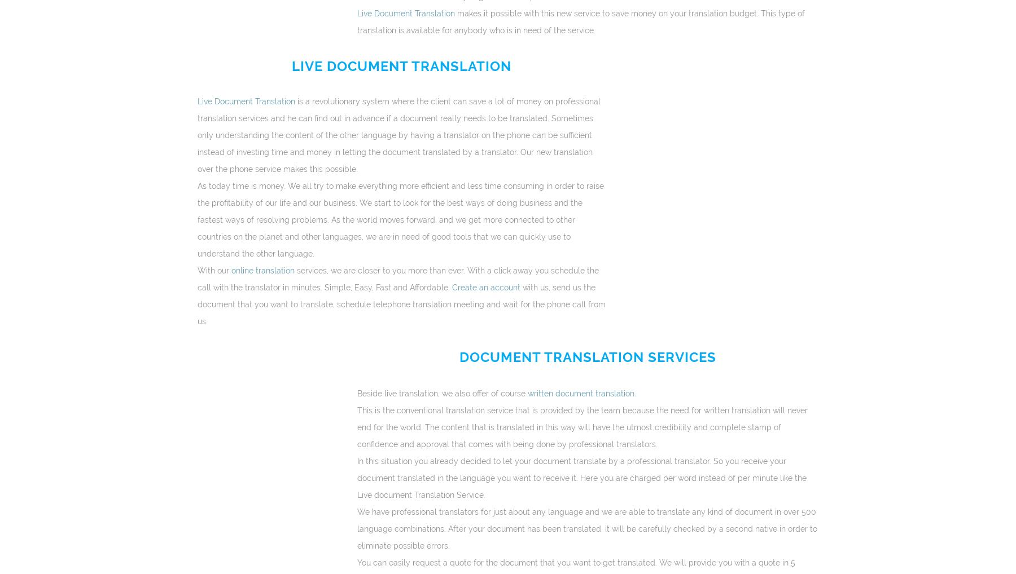  Describe the element at coordinates (401, 303) in the screenshot. I see `'with us, send us the document that you want to translate, schedule telephone translation meeting and wait for the phone call from us.'` at that location.